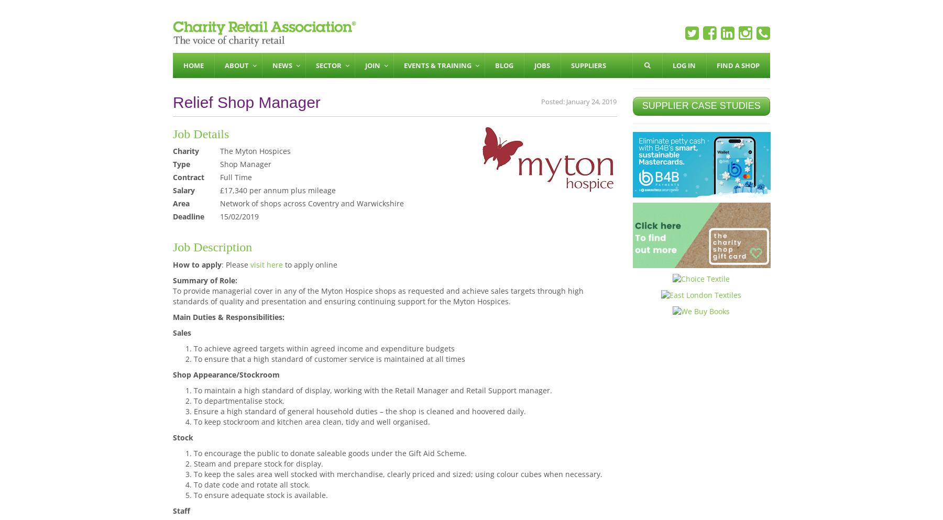  What do you see at coordinates (251, 483) in the screenshot?
I see `'To date code and rotate all stock.'` at bounding box center [251, 483].